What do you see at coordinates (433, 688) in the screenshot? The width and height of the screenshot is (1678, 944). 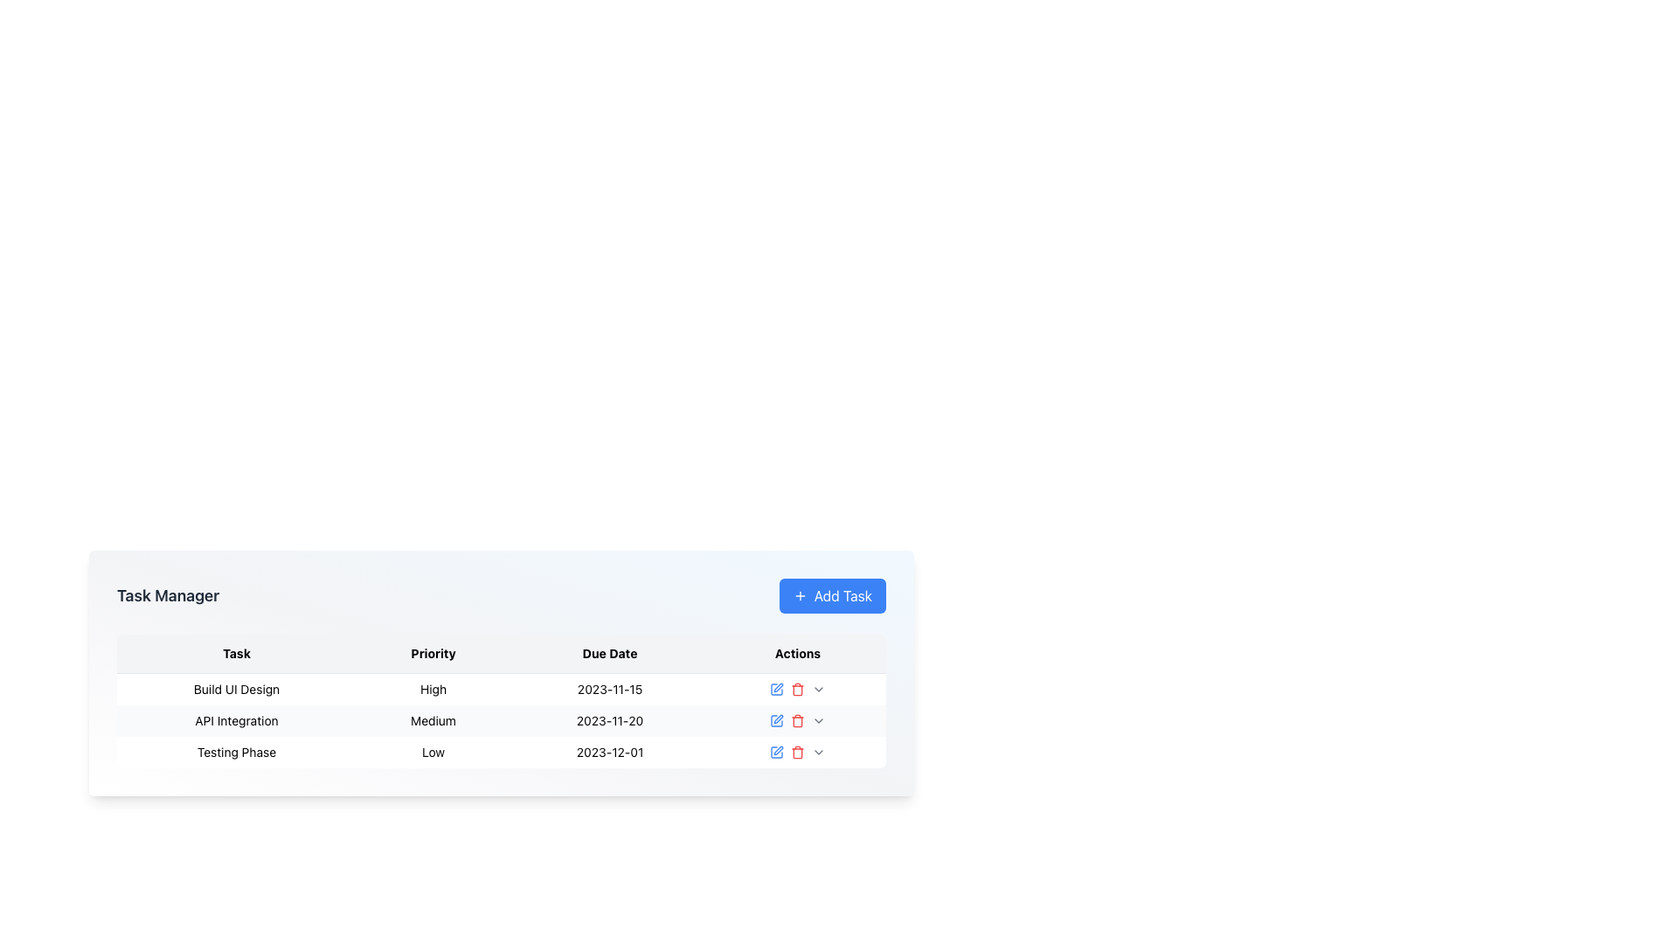 I see `the 'High' priority Text Label in the task manager under the 'Priority' column for the 'Build UI Design' task` at bounding box center [433, 688].